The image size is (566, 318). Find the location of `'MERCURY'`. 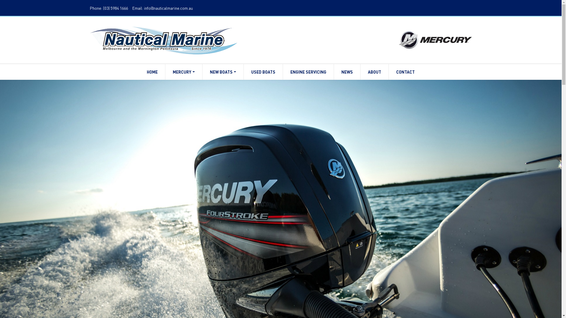

'MERCURY' is located at coordinates (165, 72).